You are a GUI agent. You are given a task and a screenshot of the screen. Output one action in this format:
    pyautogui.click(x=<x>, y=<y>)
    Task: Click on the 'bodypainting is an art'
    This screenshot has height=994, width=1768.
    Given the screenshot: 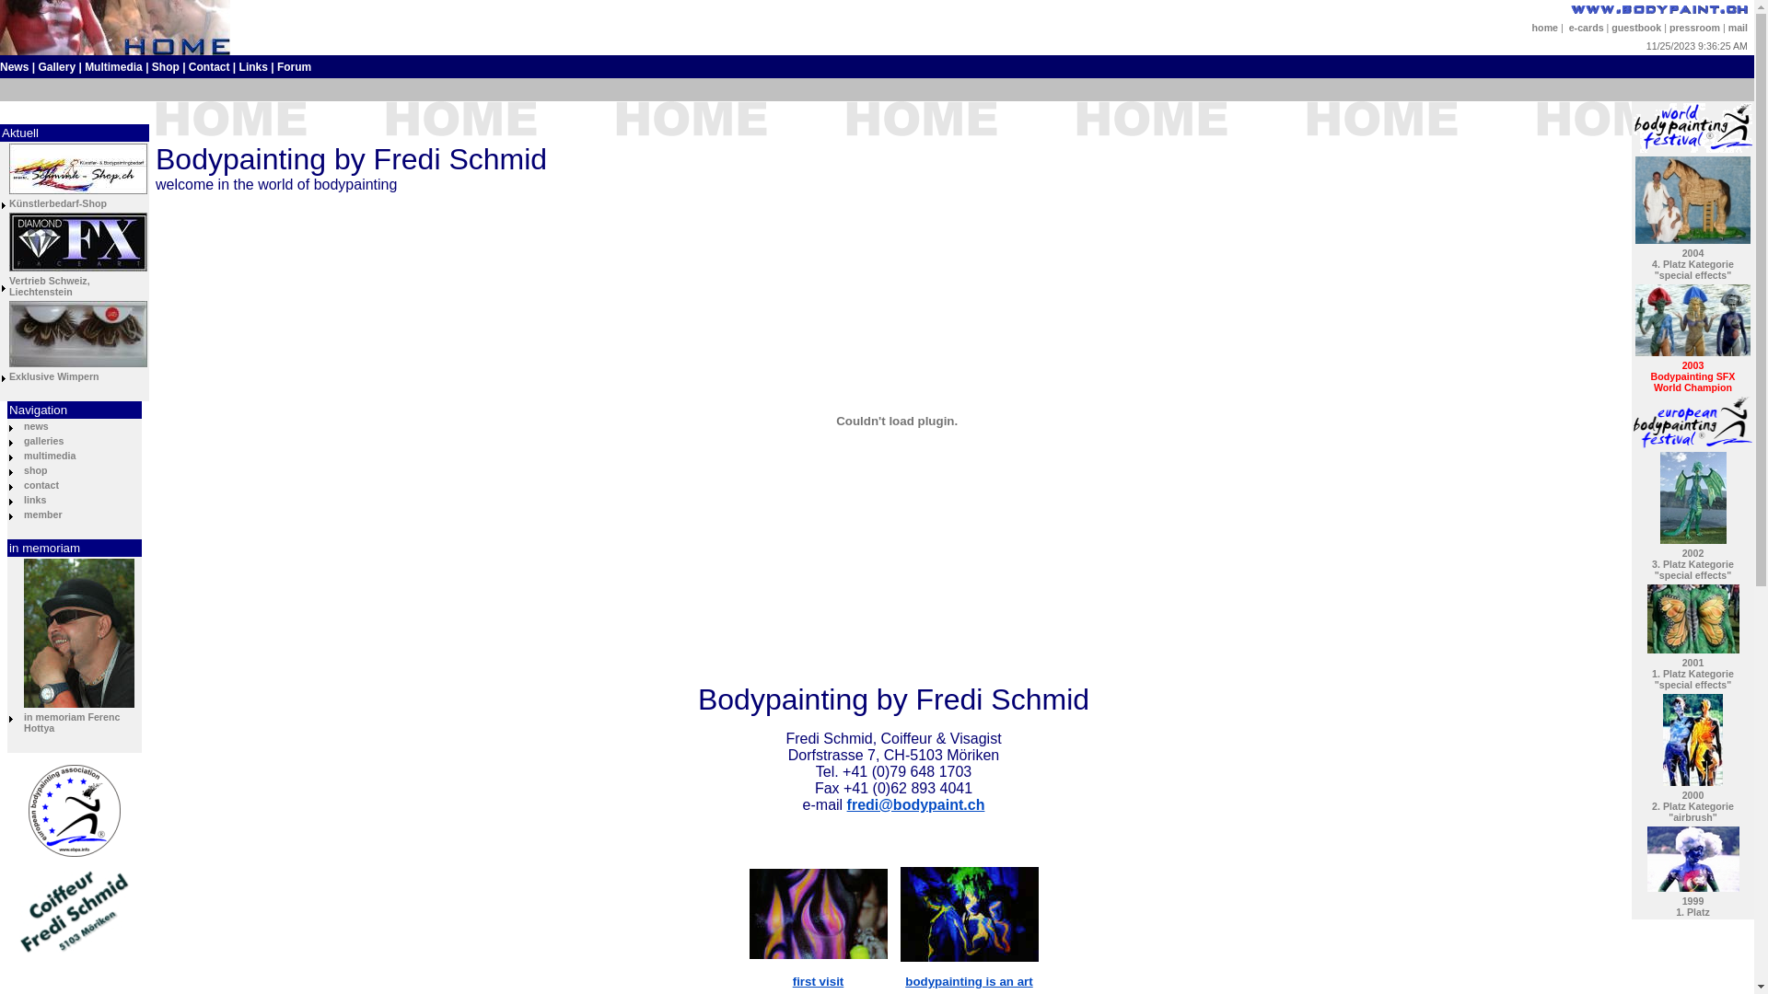 What is the action you would take?
    pyautogui.click(x=905, y=980)
    